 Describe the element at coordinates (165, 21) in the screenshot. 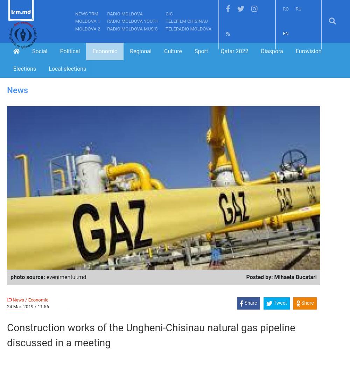

I see `'TeleFilm Chisinau'` at that location.